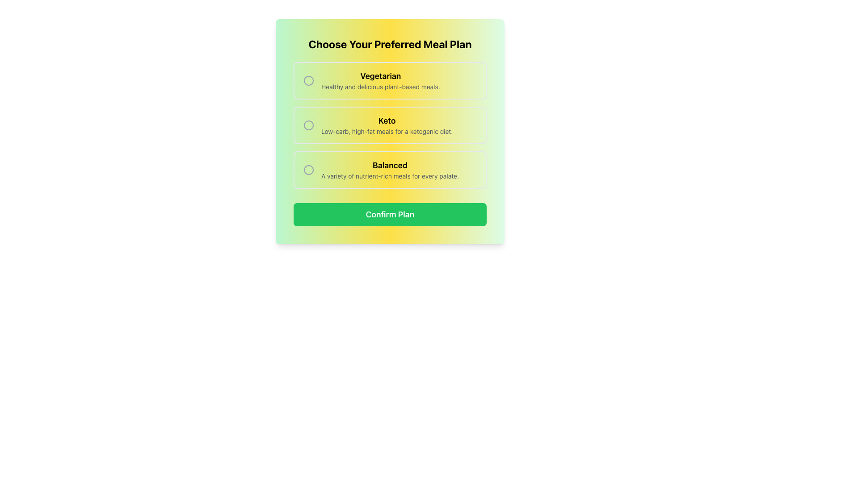 The image size is (858, 482). Describe the element at coordinates (390, 215) in the screenshot. I see `the confirmation button that finalizes the meal plan selection, located at the bottom of the meal plan options card` at that location.